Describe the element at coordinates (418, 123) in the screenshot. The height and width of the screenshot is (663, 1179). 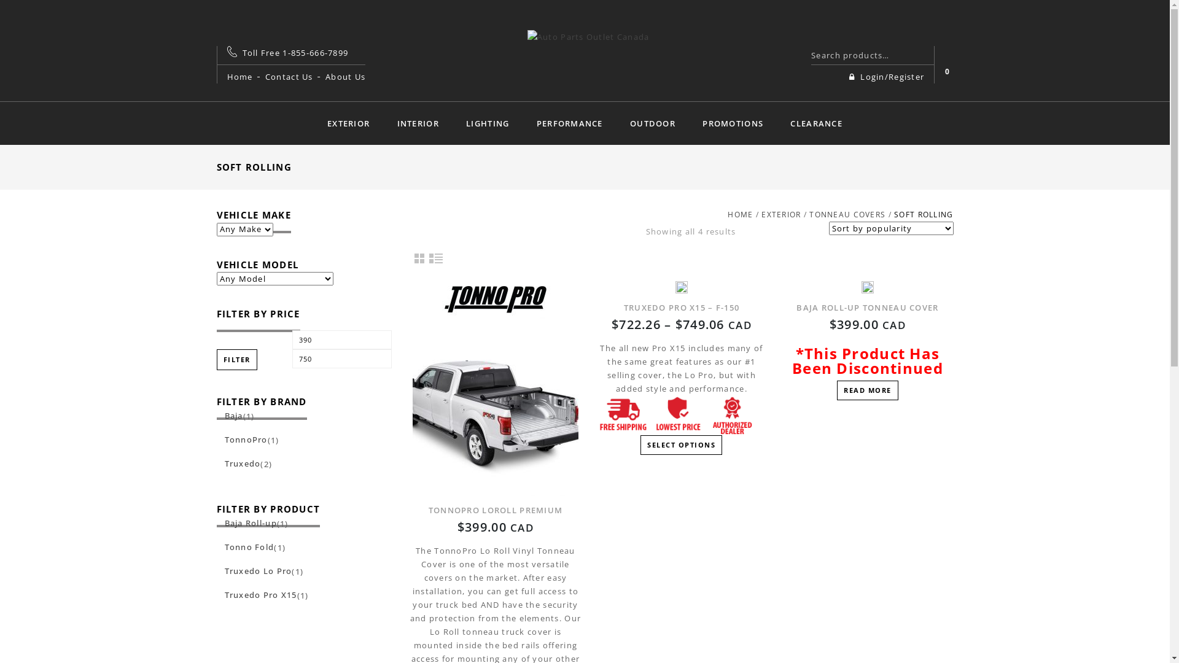
I see `'INTERIOR'` at that location.